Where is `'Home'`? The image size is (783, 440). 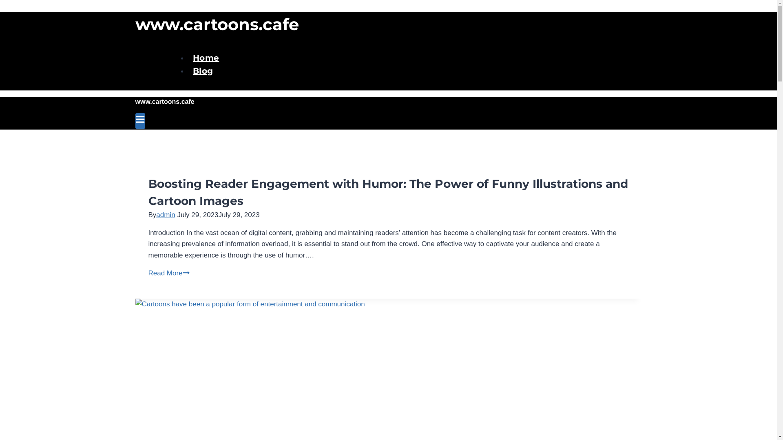
'Home' is located at coordinates (206, 57).